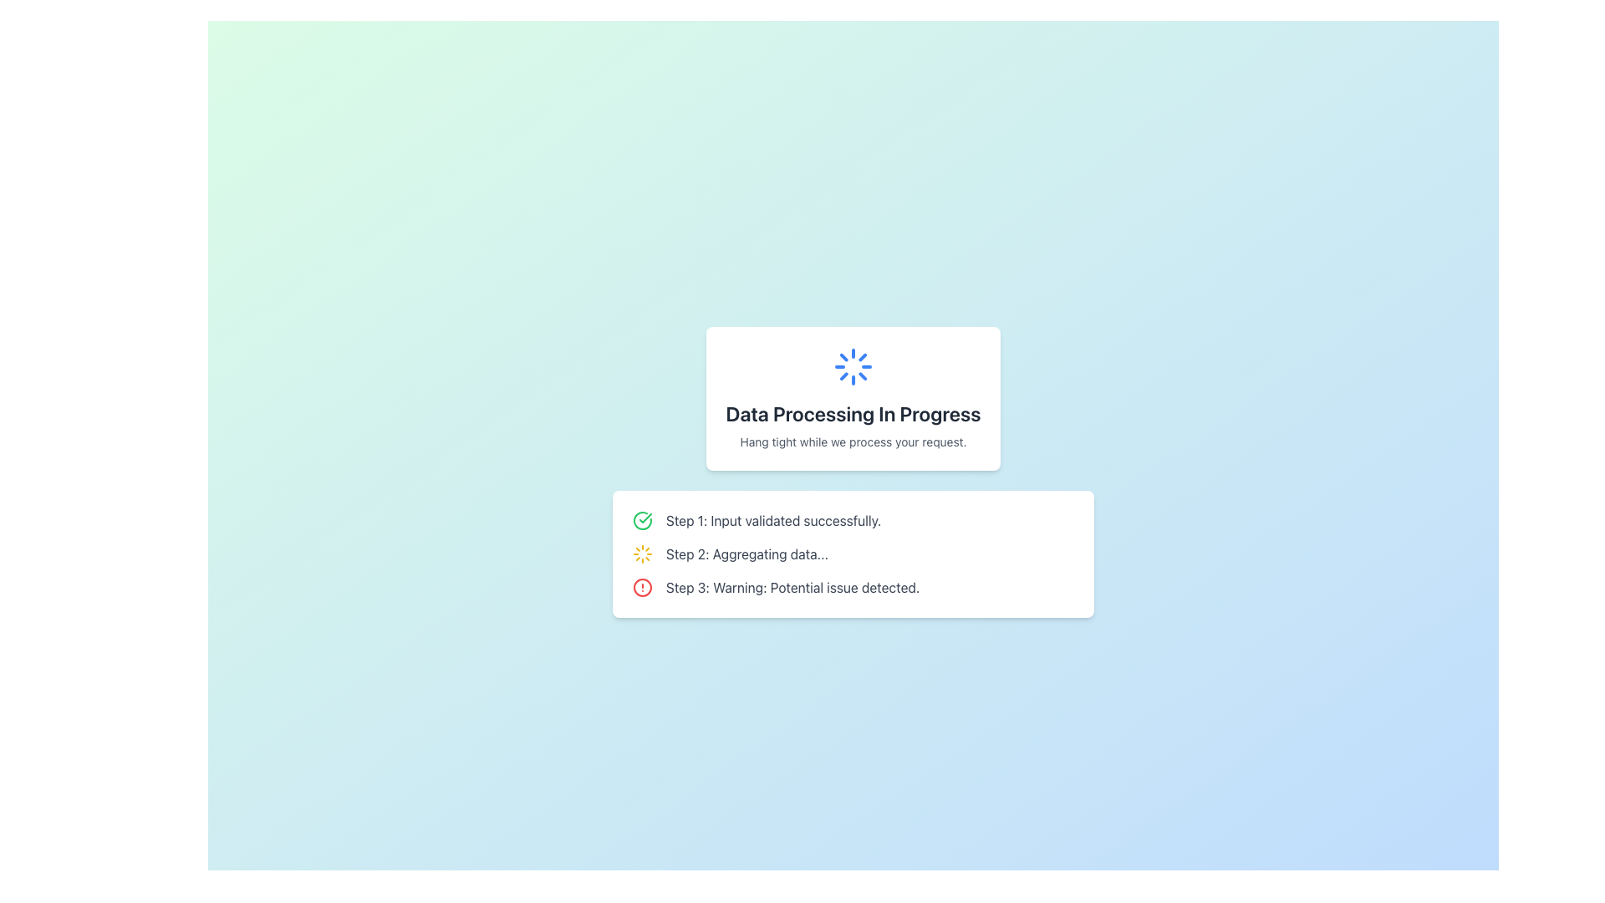 The width and height of the screenshot is (1605, 903). I want to click on the blue circular loading spinner icon located at the center of the white card above the text 'Data Processing In Progress', so click(853, 366).